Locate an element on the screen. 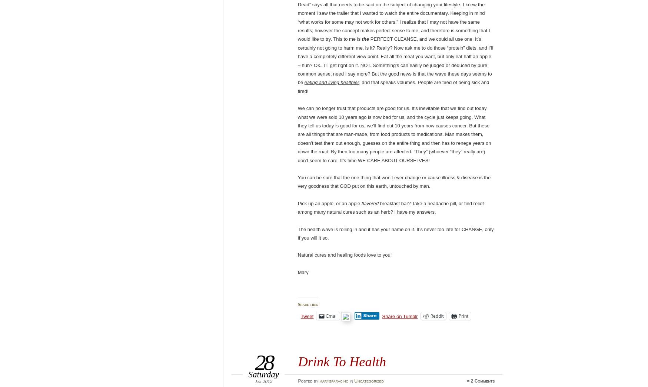 The image size is (648, 387). 'PERFECT CLEANSE, and we could all use one. It’s certainly not going to harm me, is it? Really? Now ask me to do those “protein” diets, and I’ll have a completely different view point. Eat all the meat you want, but only eat half an apple – huh? Ok.. I’ll get right on it. NOT. Something’s can easily be judged or deduced by pure common sense, need I say more? But the good news is that the wave these days seems to be' is located at coordinates (395, 60).